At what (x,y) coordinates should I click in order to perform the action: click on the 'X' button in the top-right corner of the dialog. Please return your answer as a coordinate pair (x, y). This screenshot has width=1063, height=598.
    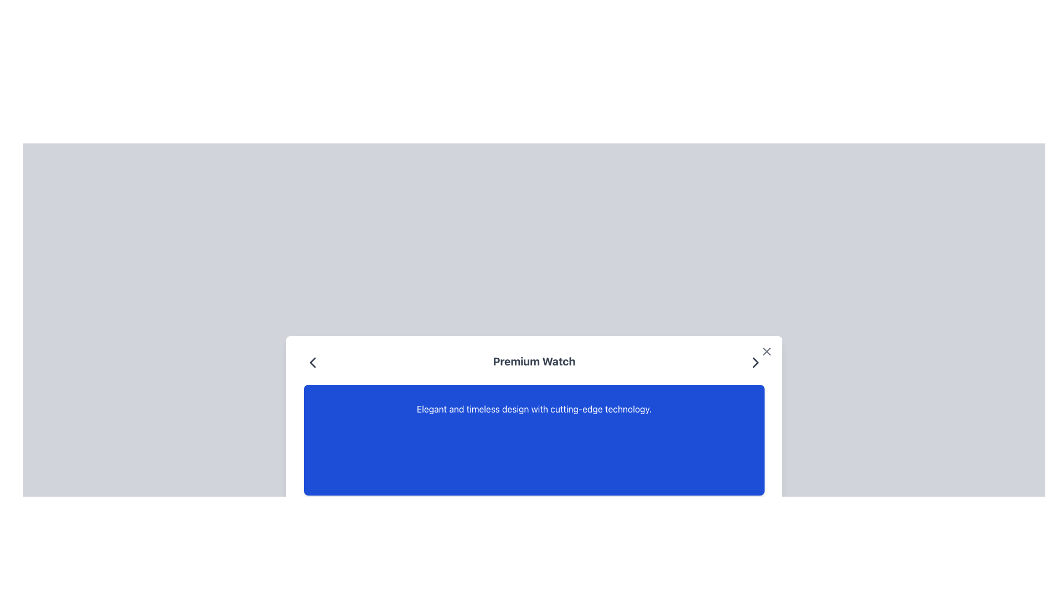
    Looking at the image, I should click on (766, 352).